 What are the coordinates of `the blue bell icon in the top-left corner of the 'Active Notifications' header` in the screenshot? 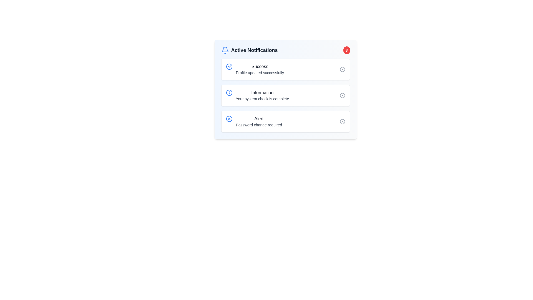 It's located at (225, 50).